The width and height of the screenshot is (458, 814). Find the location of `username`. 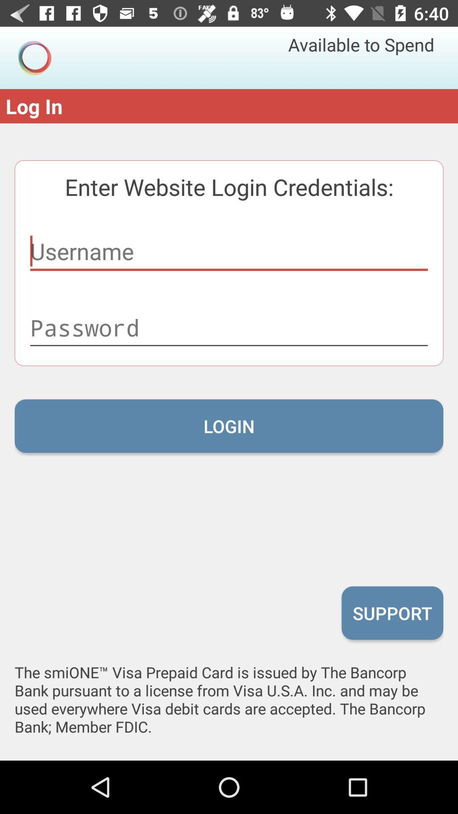

username is located at coordinates (229, 251).